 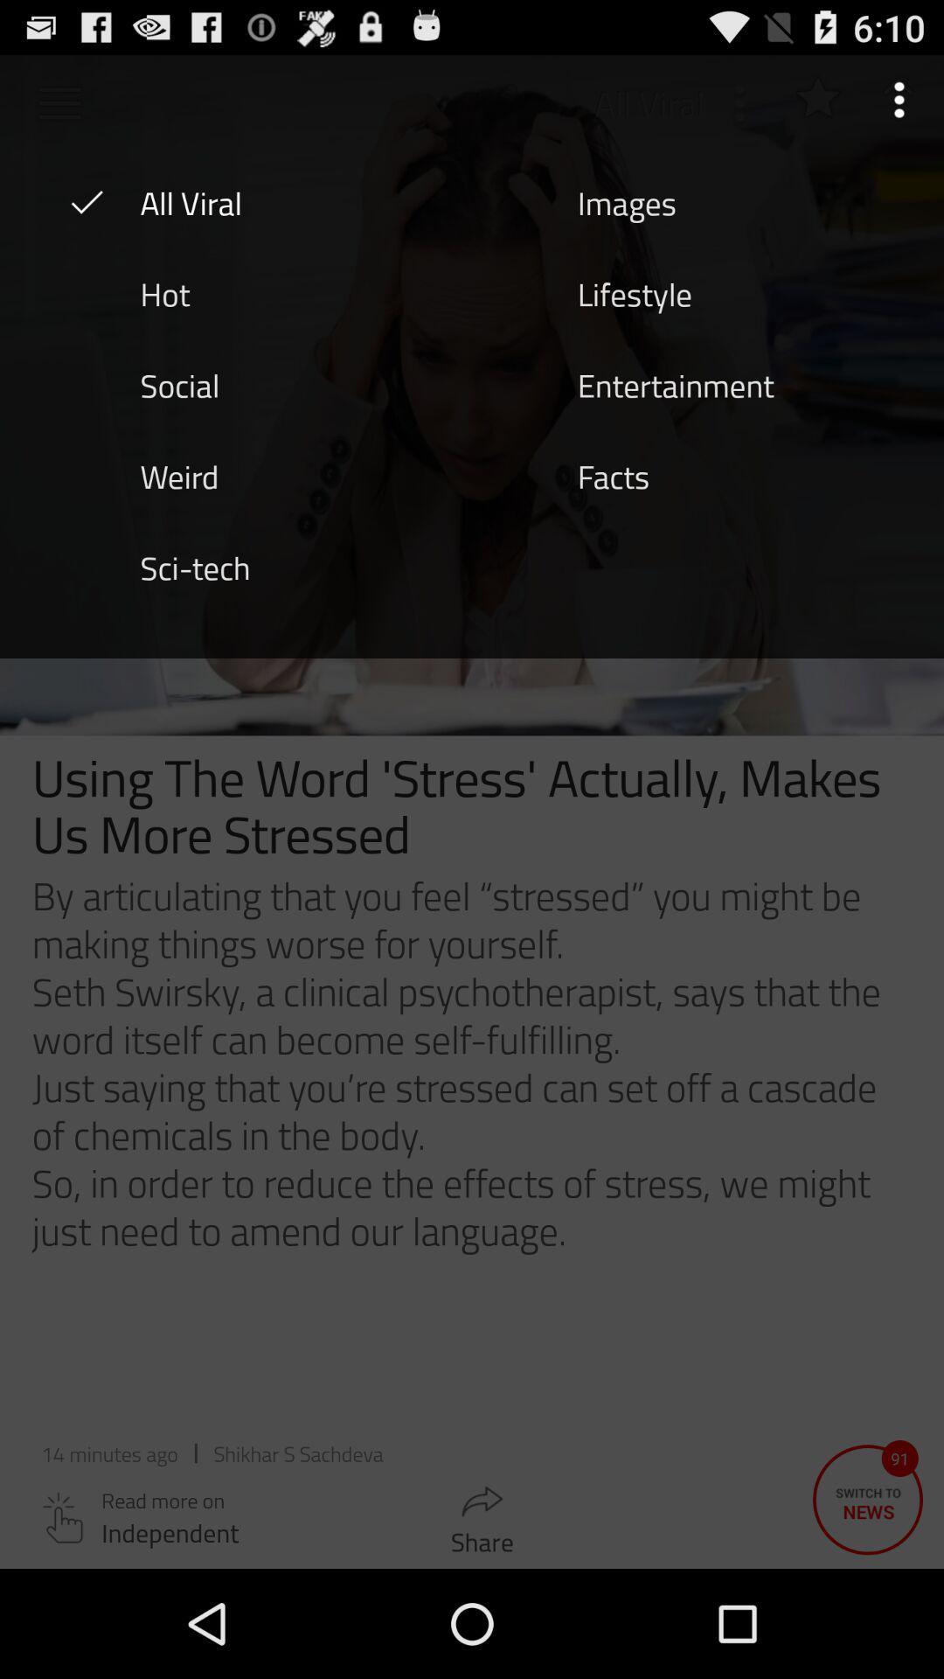 I want to click on item next to the all viral item, so click(x=626, y=201).